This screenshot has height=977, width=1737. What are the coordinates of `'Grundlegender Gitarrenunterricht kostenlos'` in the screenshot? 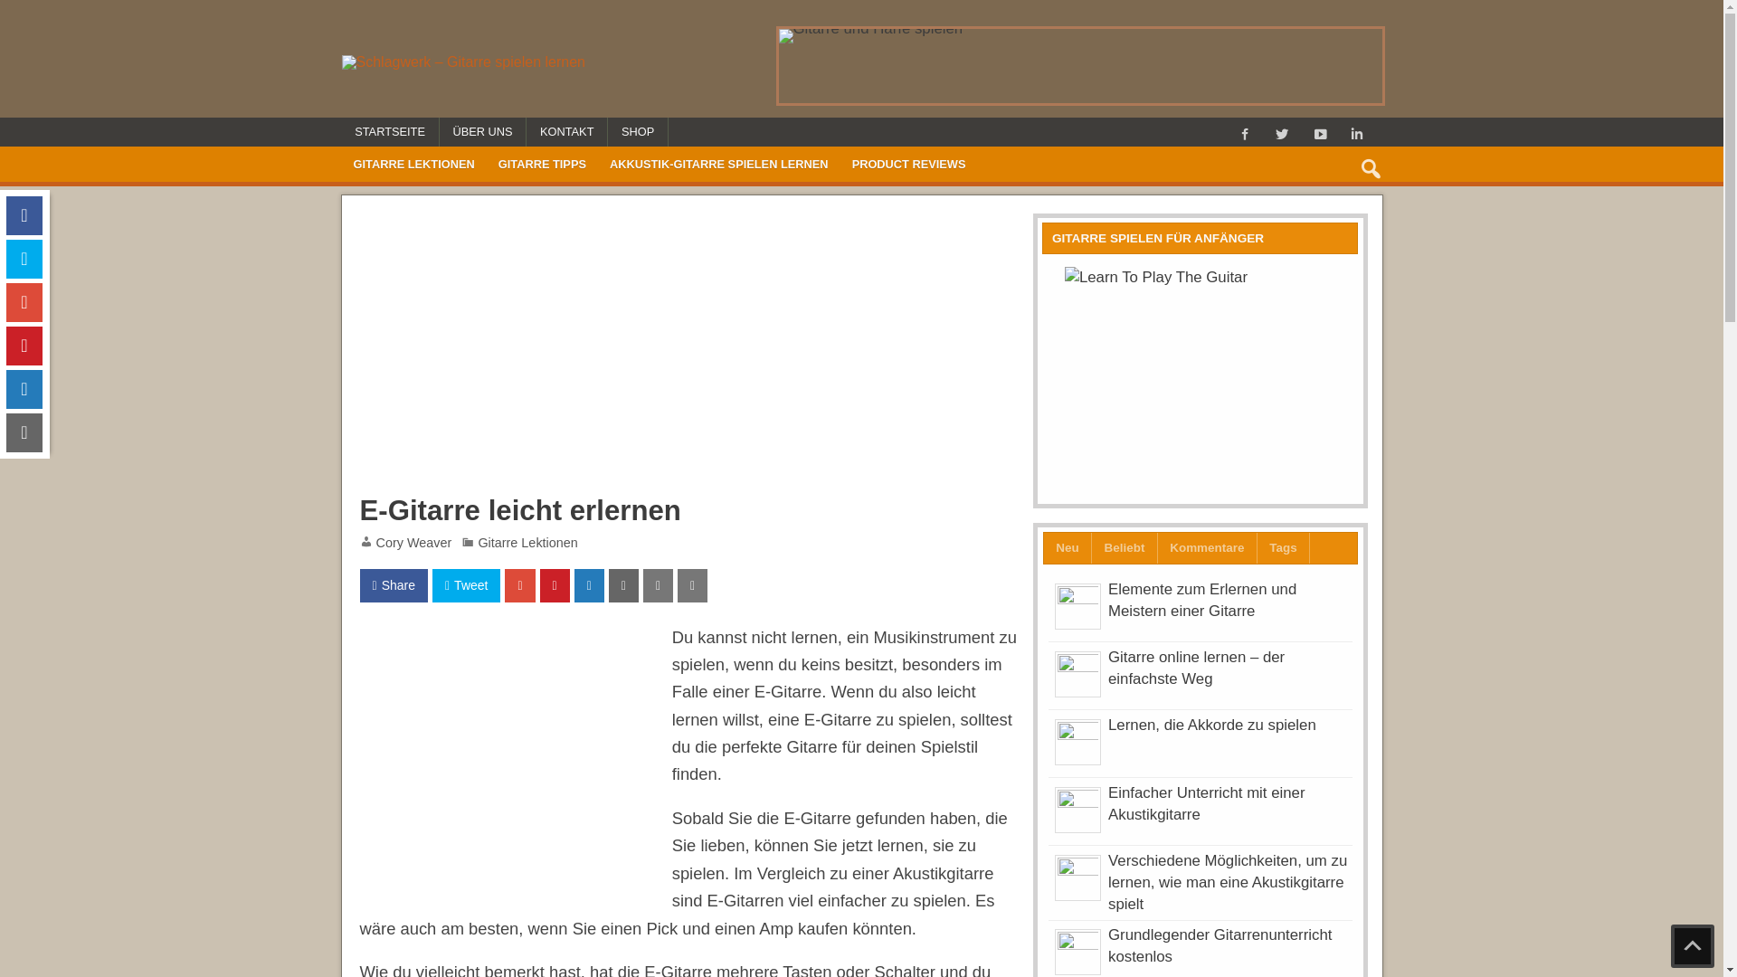 It's located at (1220, 944).